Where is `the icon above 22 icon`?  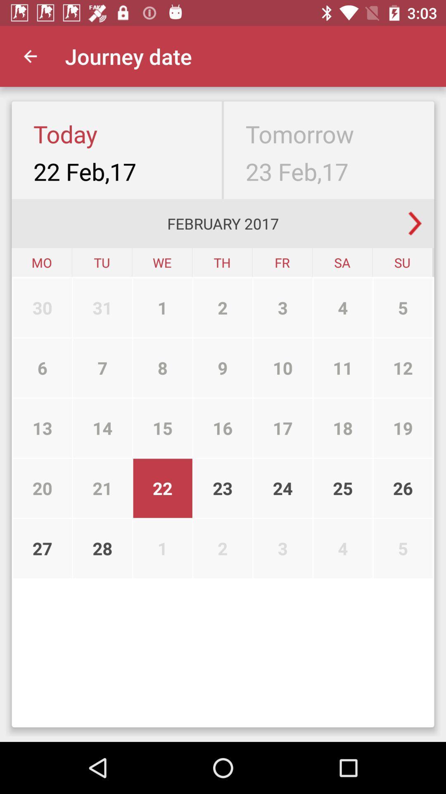
the icon above 22 icon is located at coordinates (222, 428).